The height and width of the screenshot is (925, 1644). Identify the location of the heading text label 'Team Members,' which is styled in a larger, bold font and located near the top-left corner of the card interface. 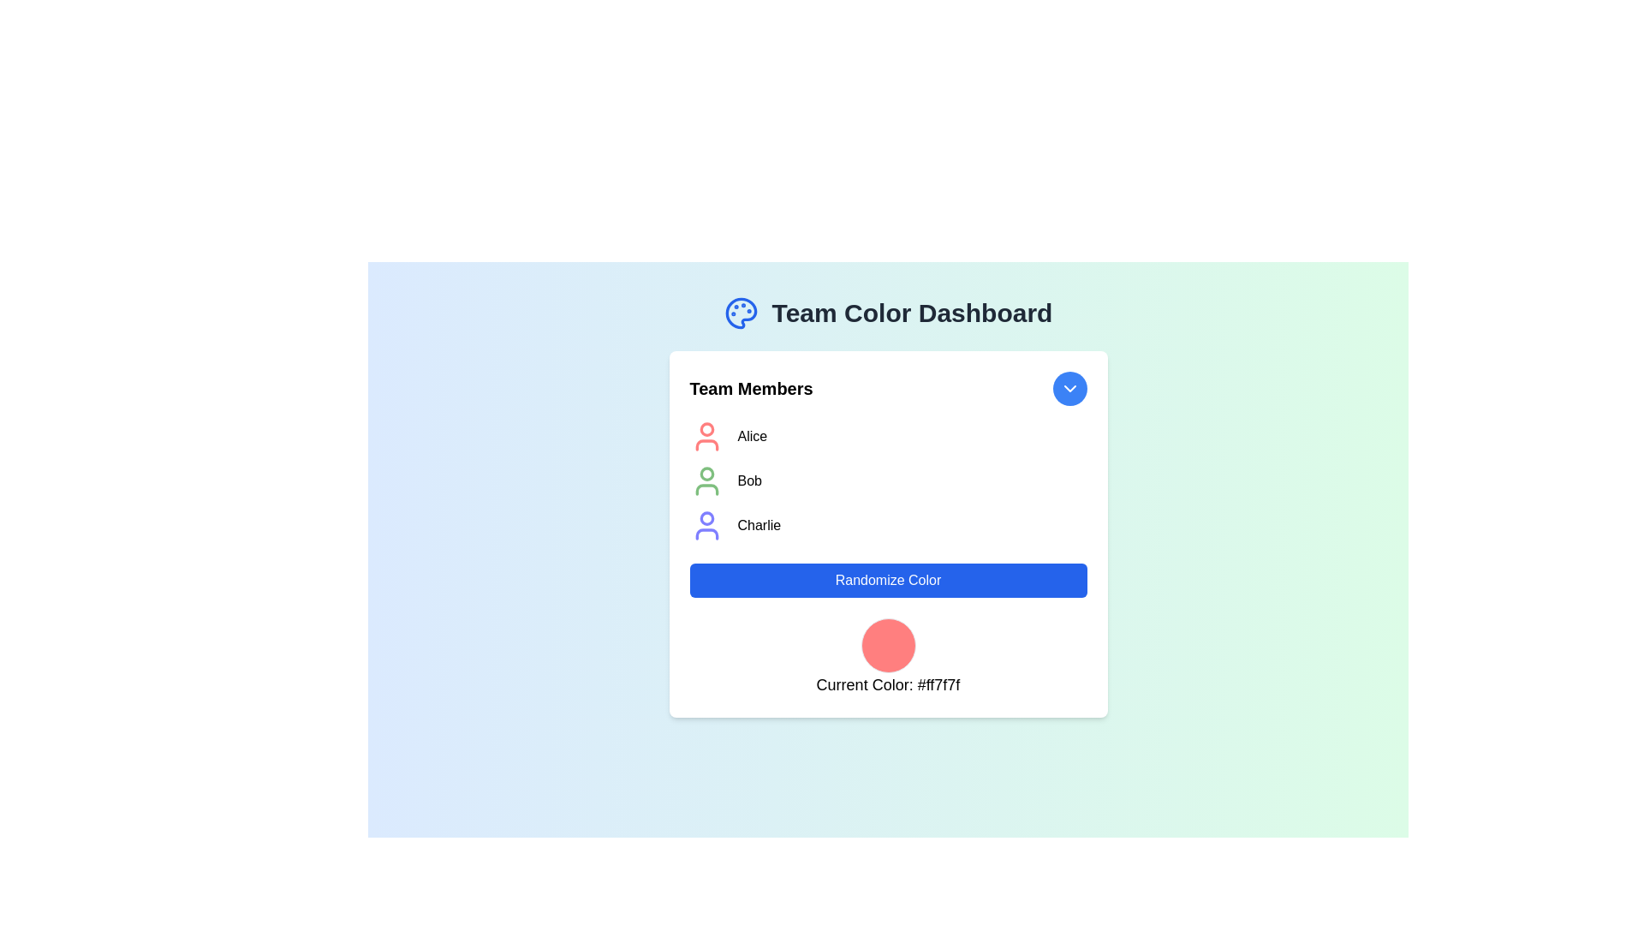
(751, 389).